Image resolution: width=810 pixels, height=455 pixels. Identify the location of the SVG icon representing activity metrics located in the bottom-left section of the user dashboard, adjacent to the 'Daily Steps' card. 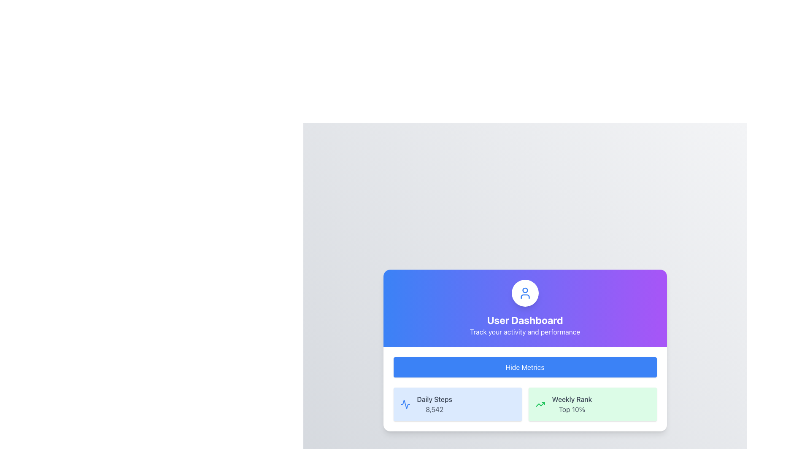
(405, 404).